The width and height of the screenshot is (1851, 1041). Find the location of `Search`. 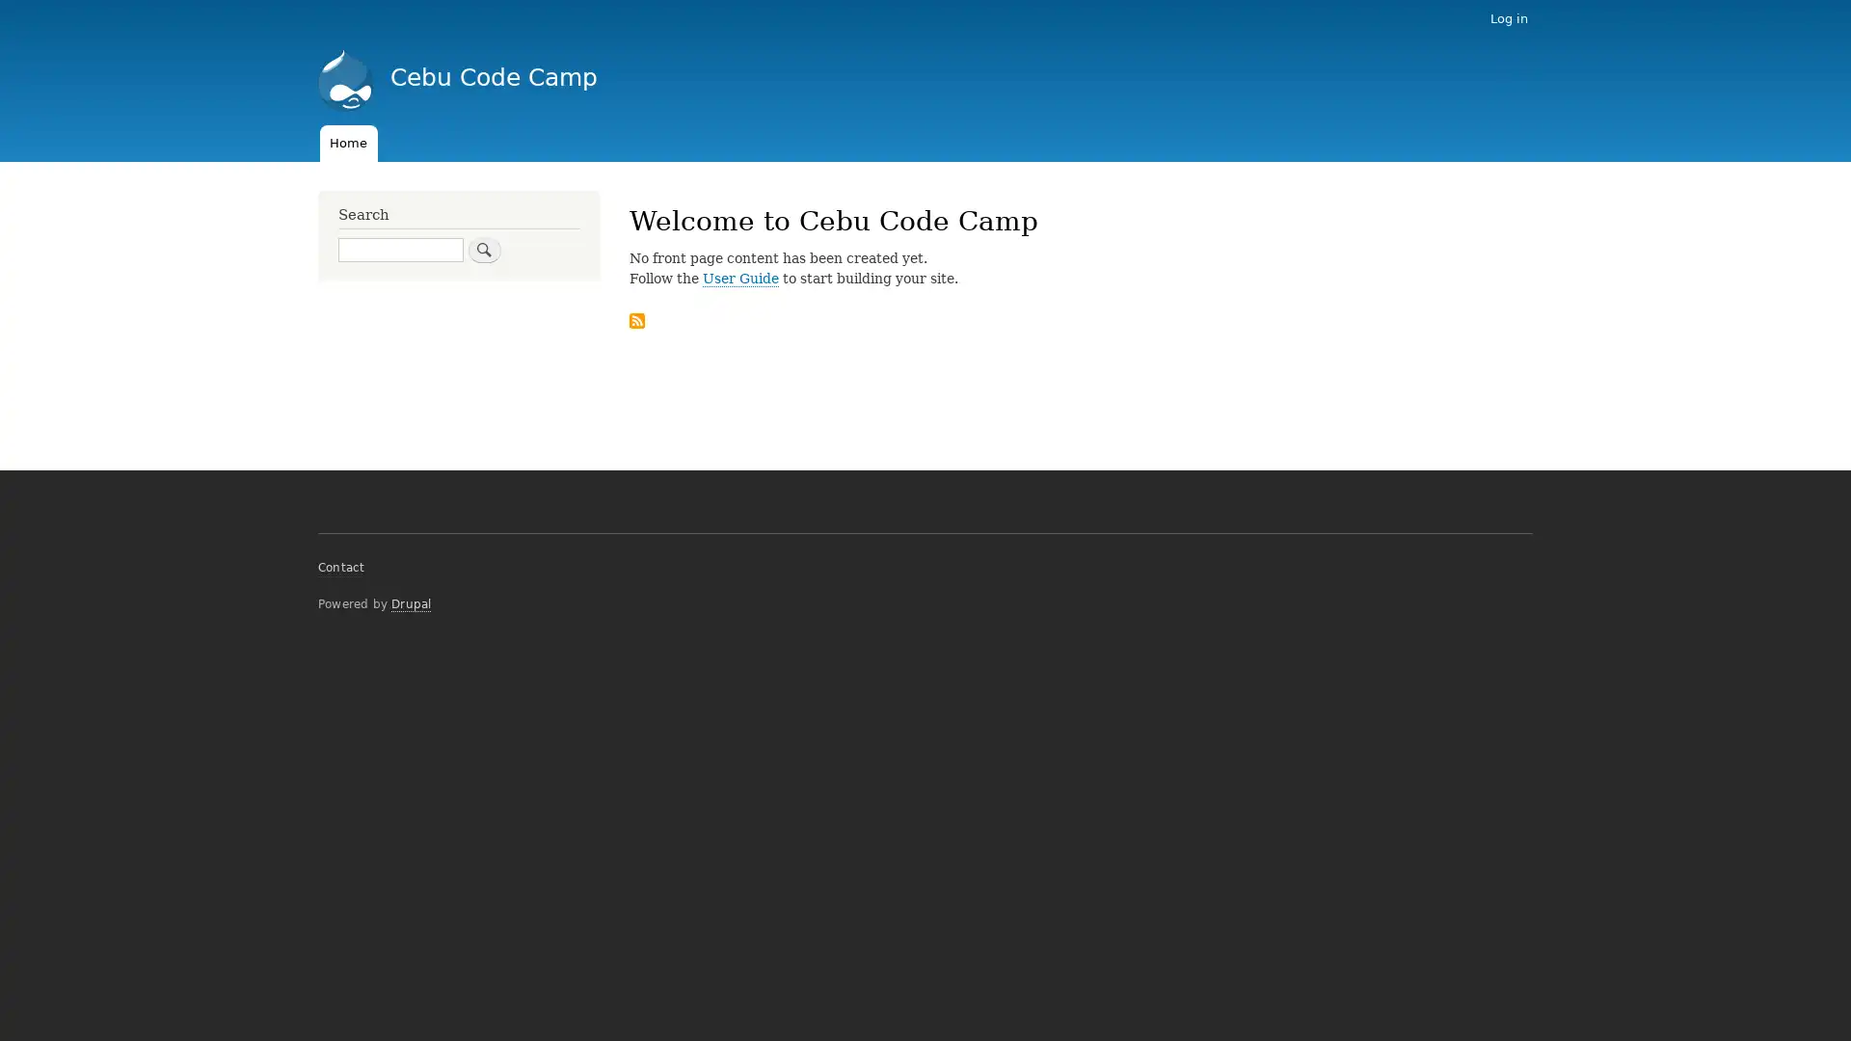

Search is located at coordinates (485, 249).